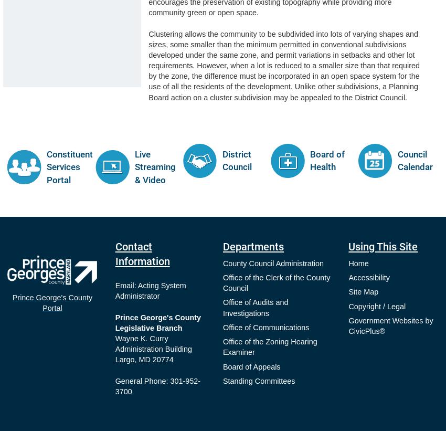 This screenshot has width=446, height=431. What do you see at coordinates (390, 325) in the screenshot?
I see `'Government Websites by CivicPlus®'` at bounding box center [390, 325].